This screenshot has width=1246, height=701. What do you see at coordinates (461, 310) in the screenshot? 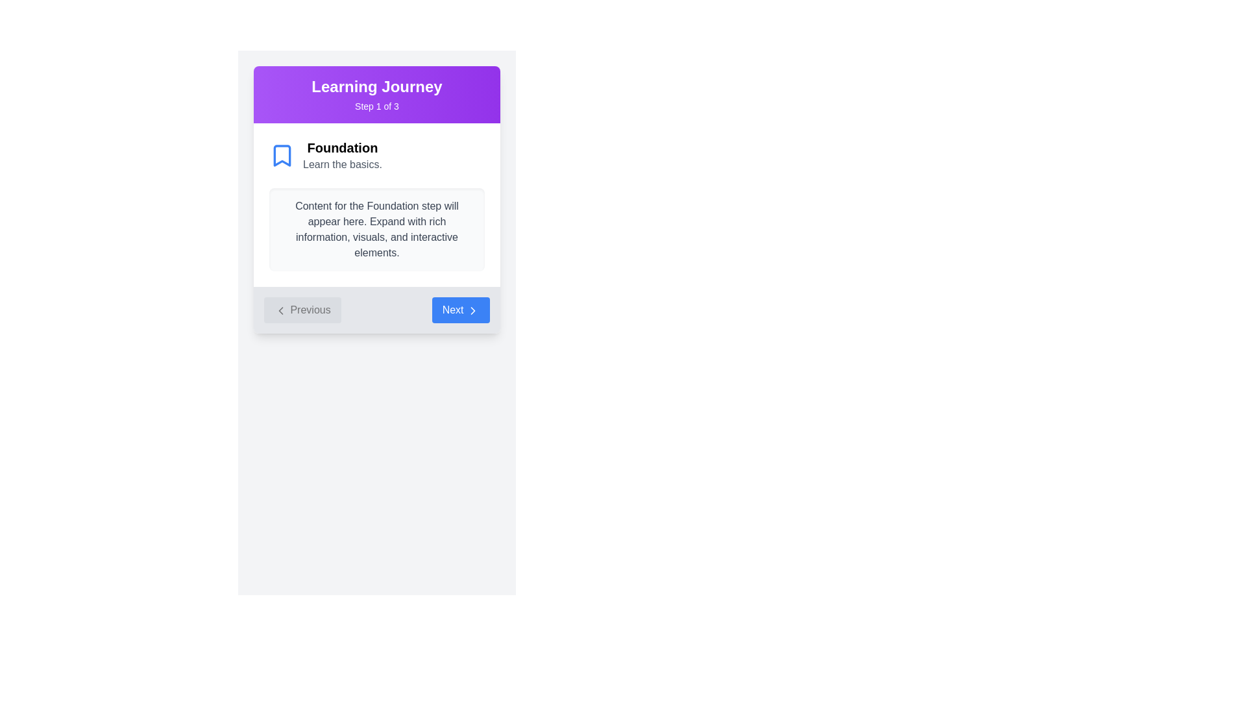
I see `the 'Next' button, which has a blue background, white text, and a right arrow icon, to observe its hover styling effects` at bounding box center [461, 310].